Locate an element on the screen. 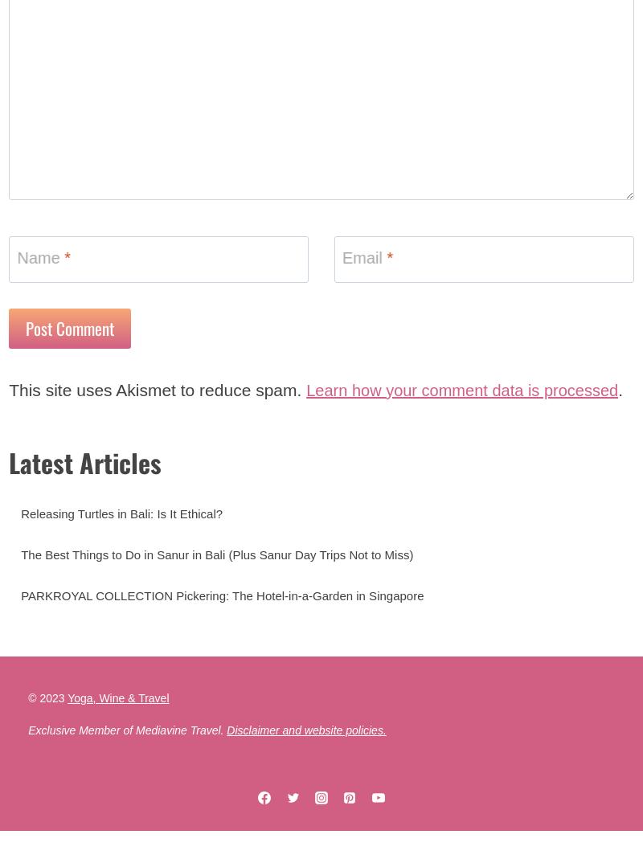  'Name' is located at coordinates (41, 269).